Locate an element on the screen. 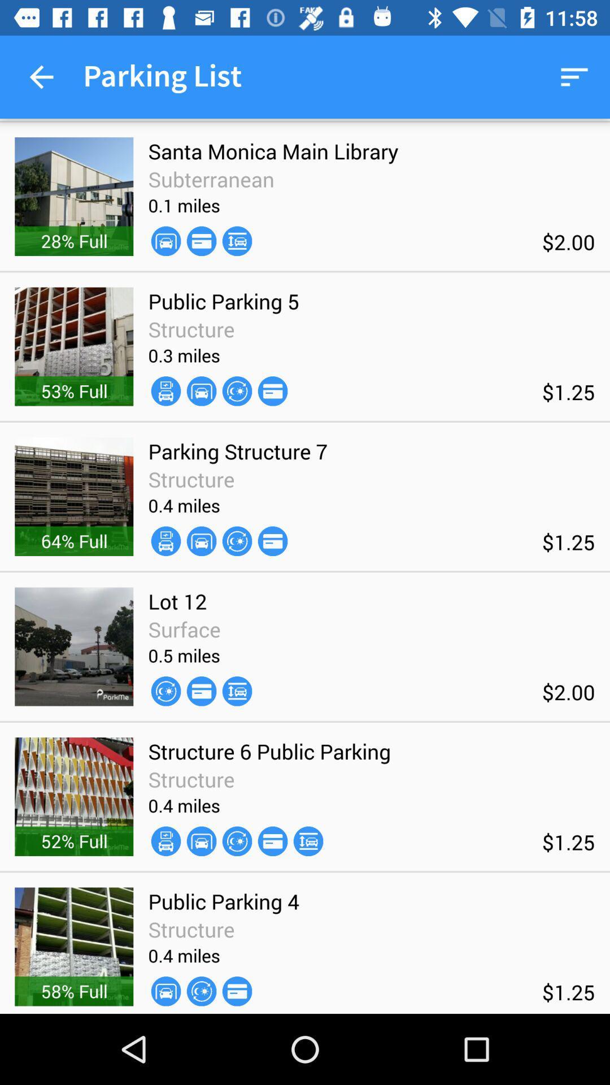 Image resolution: width=610 pixels, height=1085 pixels. icon to the left of parking list icon is located at coordinates (41, 76).